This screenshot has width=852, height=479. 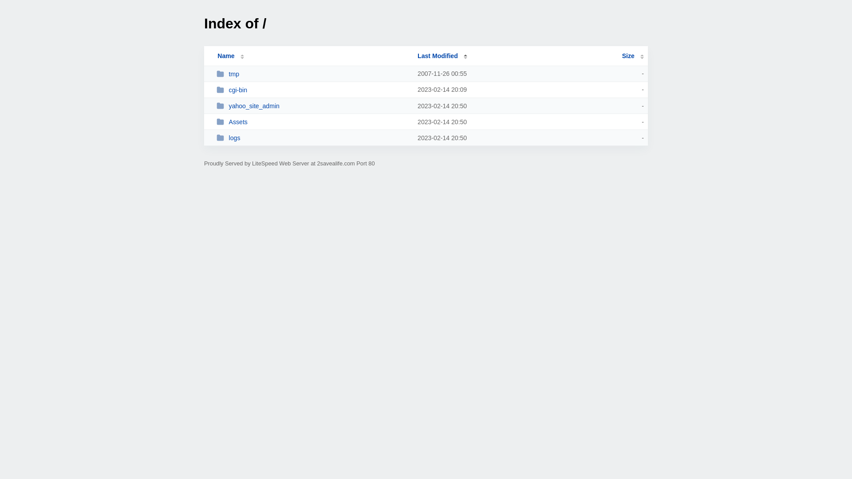 What do you see at coordinates (225, 56) in the screenshot?
I see `'Name'` at bounding box center [225, 56].